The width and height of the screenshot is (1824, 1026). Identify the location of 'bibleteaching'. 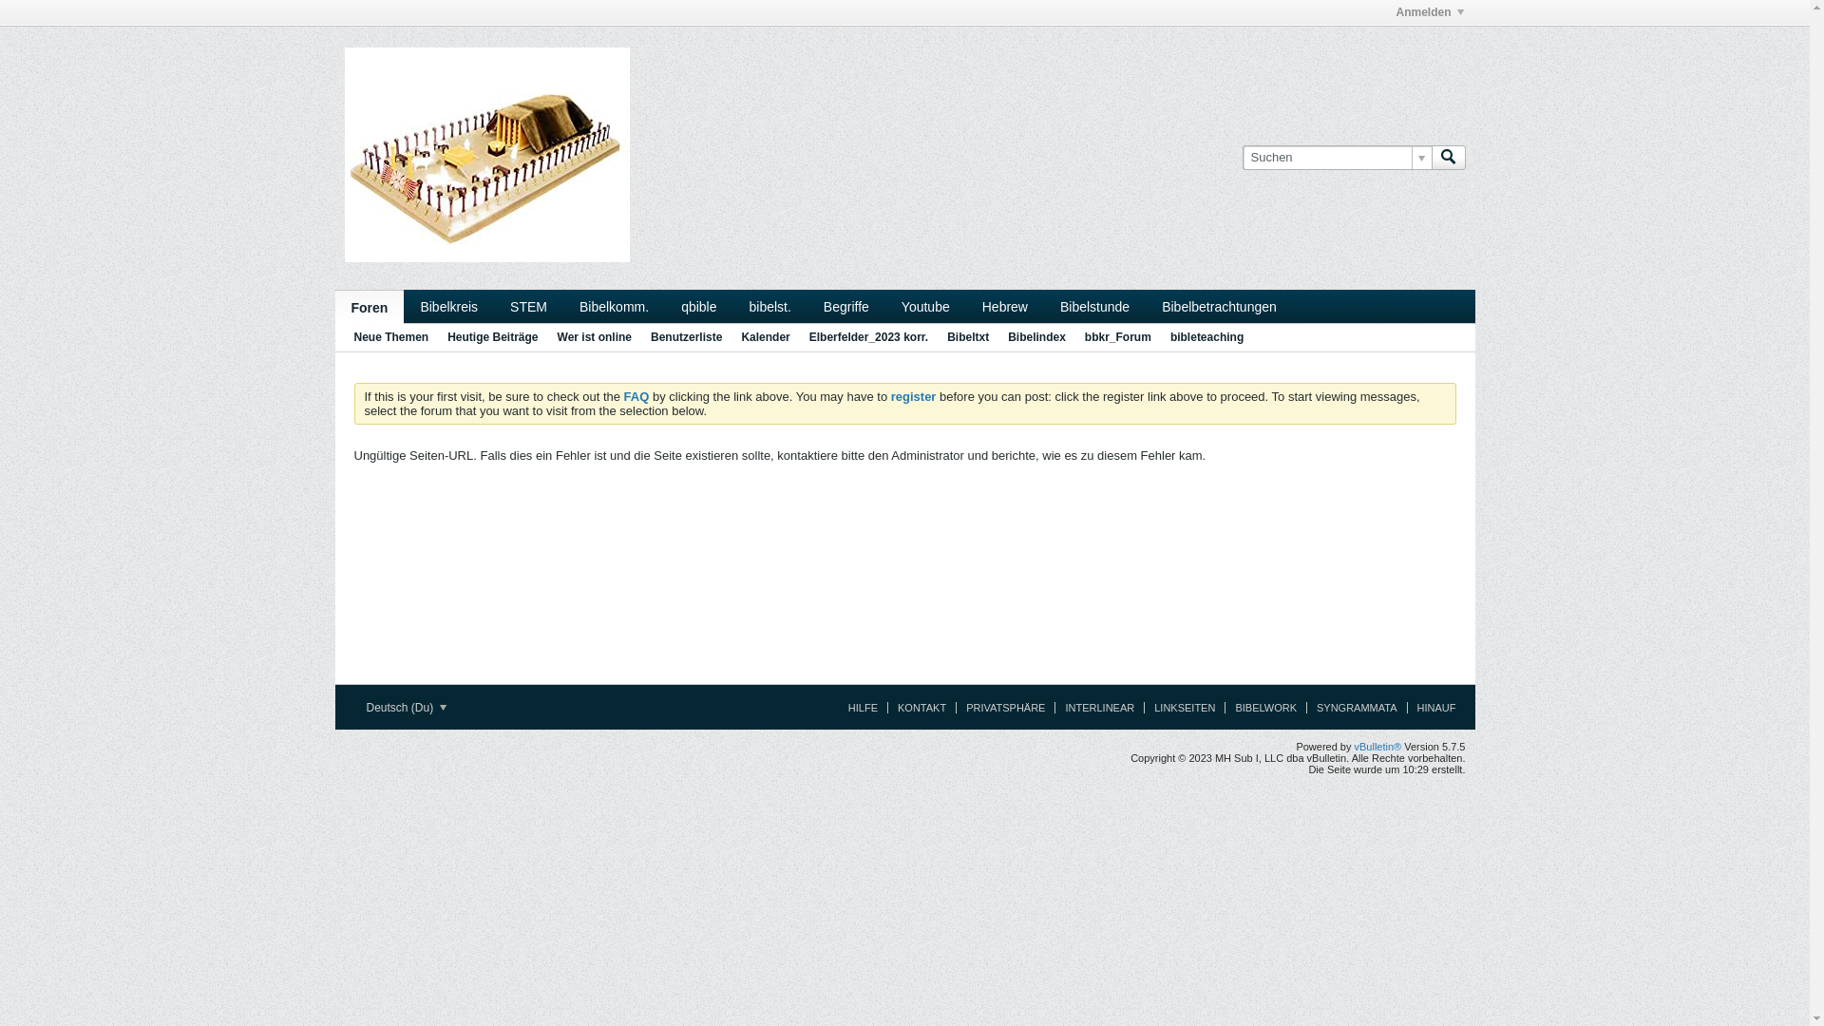
(1169, 336).